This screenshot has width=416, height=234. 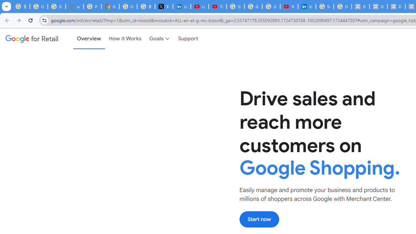 What do you see at coordinates (125, 39) in the screenshot?
I see `'How It Works'` at bounding box center [125, 39].